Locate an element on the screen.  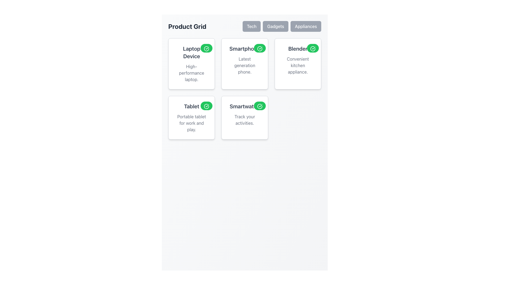
the text element that contains the phrase 'Portable tablet for work and play.' This text is styled in gray and is positioned below the title 'Tablet' within its card is located at coordinates (191, 123).